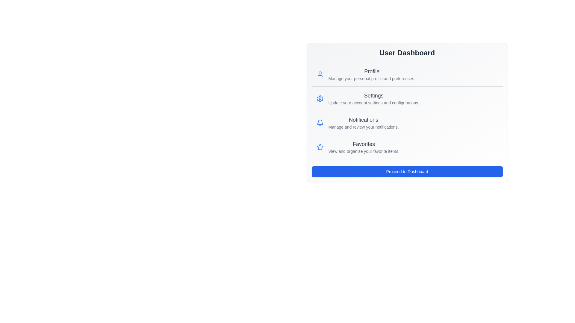 This screenshot has width=575, height=323. Describe the element at coordinates (320, 147) in the screenshot. I see `the star-shaped icon with a blue outline in the 'Favorites' section, located above the text 'Favorites' and 'View and organize your favorite items.'` at that location.